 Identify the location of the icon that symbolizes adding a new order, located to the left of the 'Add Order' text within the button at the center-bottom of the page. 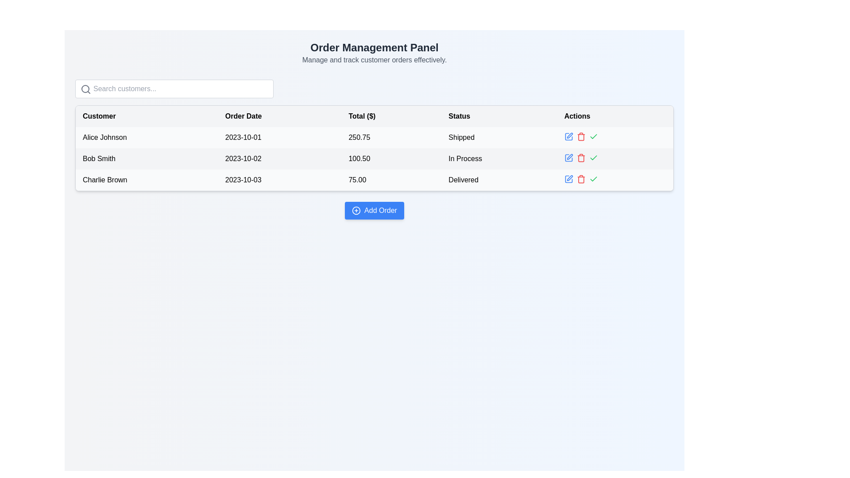
(356, 210).